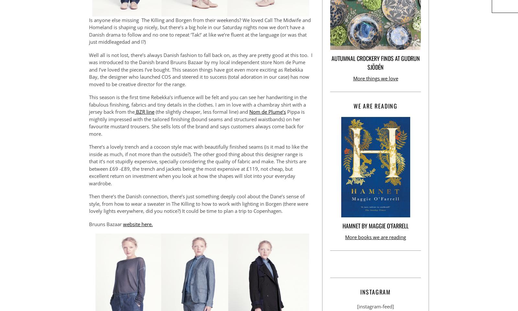  I want to click on 'Nom de Plume’s', so click(267, 112).